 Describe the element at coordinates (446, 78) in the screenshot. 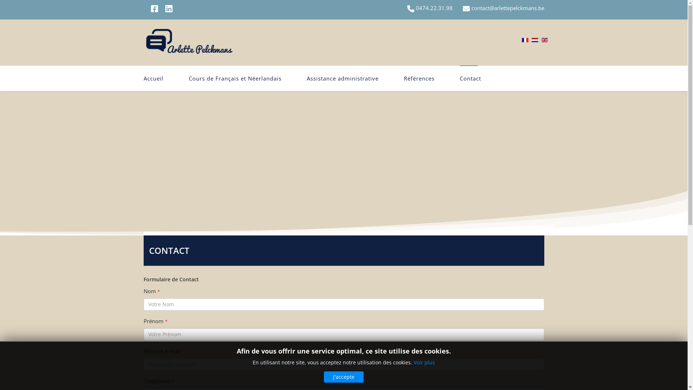

I see `'Contact'` at that location.